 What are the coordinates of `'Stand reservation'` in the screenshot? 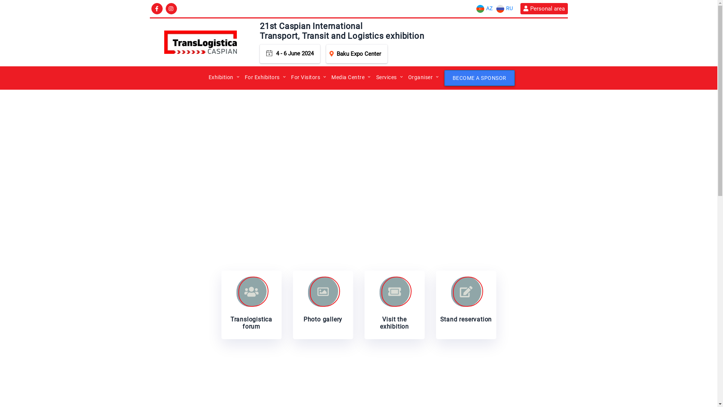 It's located at (466, 304).